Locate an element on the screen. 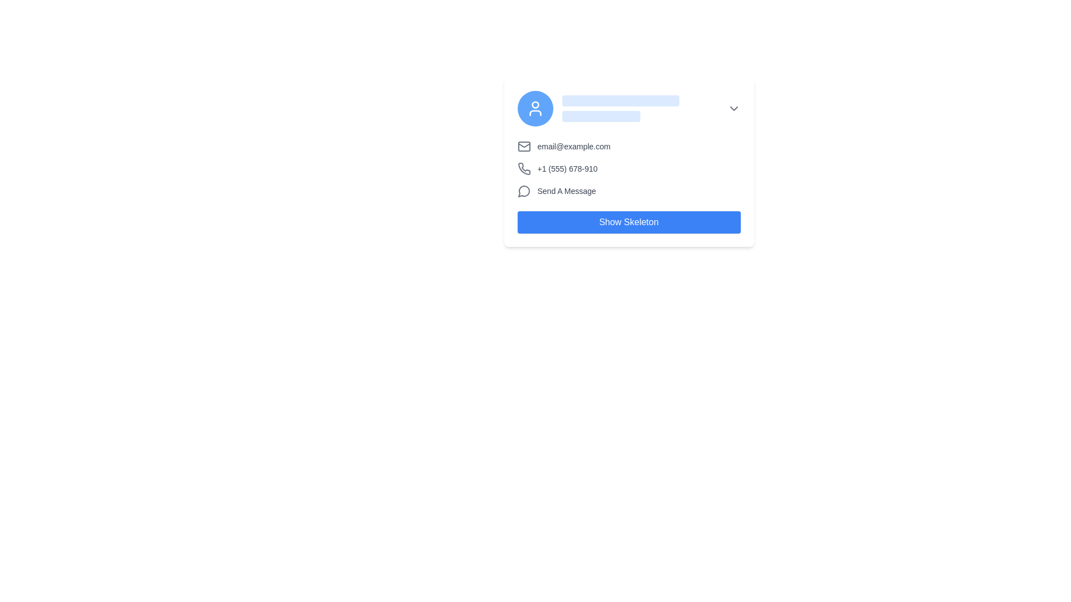  the email icon located to the left of the text 'email@example.com' is located at coordinates (523, 145).